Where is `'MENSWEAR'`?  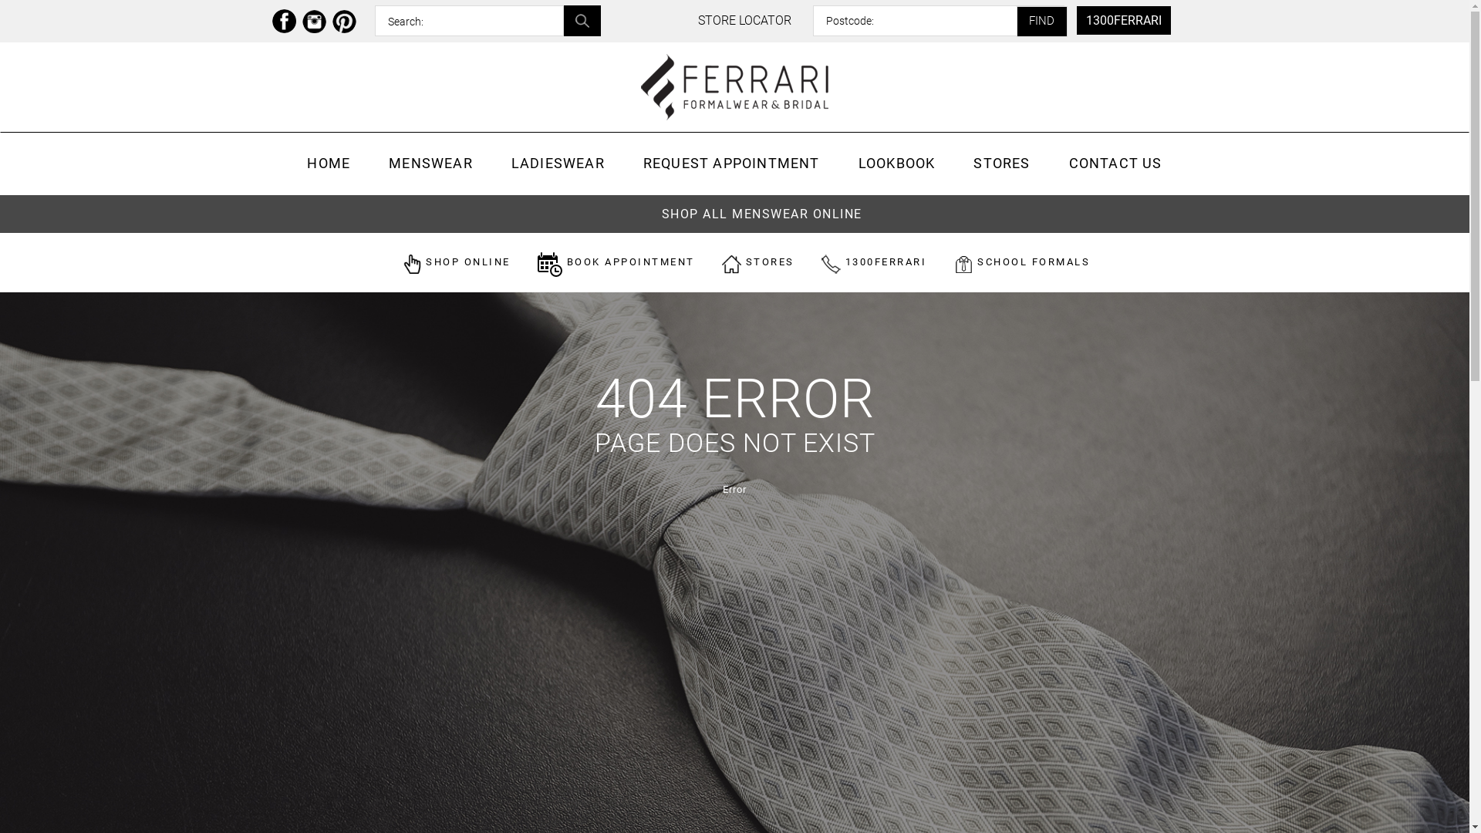
'MENSWEAR' is located at coordinates (370, 164).